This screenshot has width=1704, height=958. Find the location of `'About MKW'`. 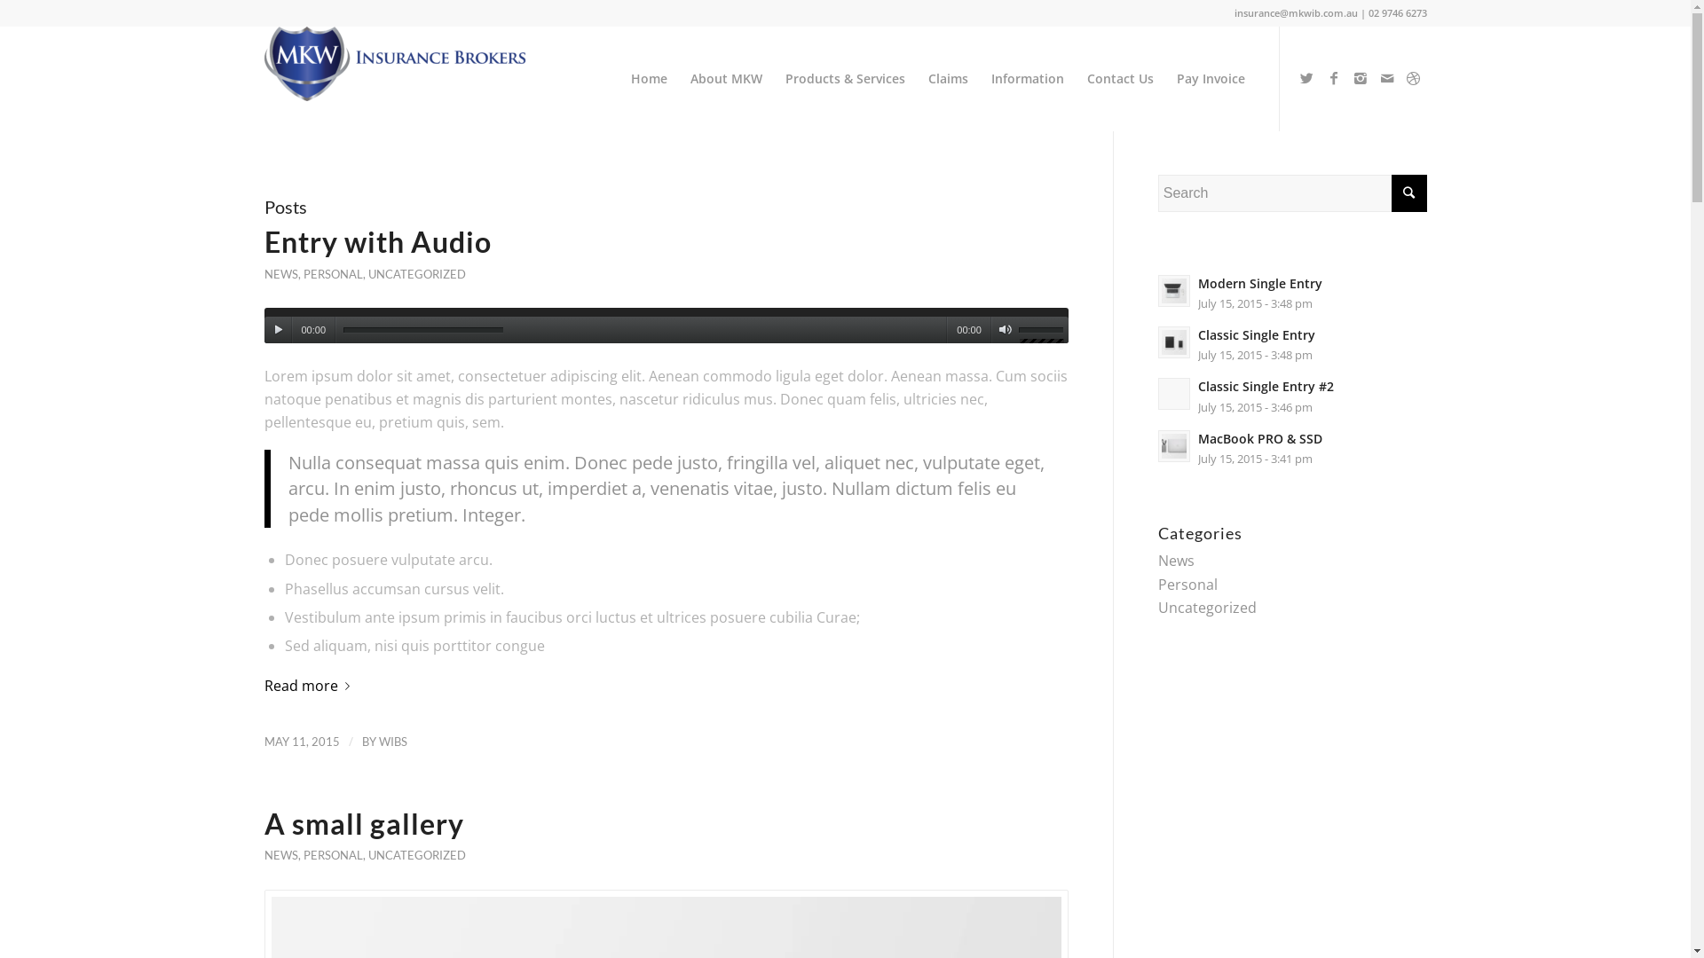

'About MKW' is located at coordinates (725, 77).